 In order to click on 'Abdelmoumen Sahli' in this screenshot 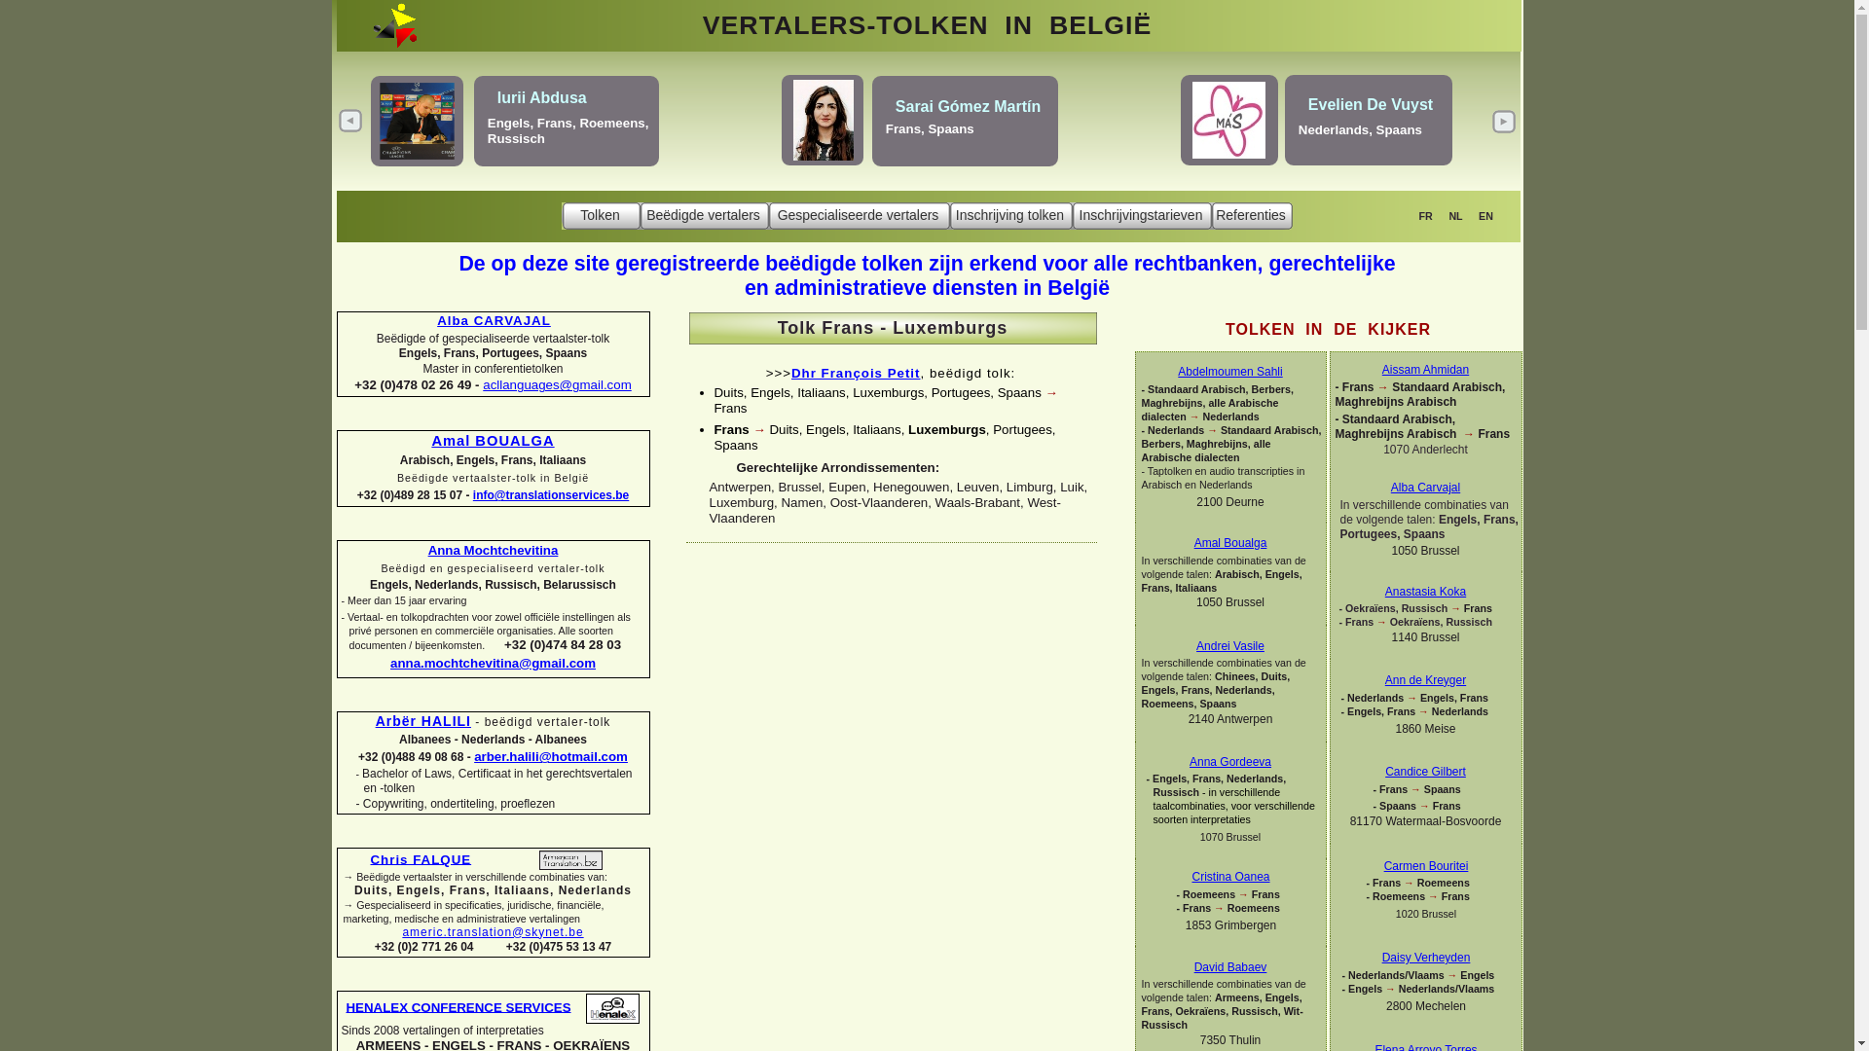, I will do `click(1228, 371)`.